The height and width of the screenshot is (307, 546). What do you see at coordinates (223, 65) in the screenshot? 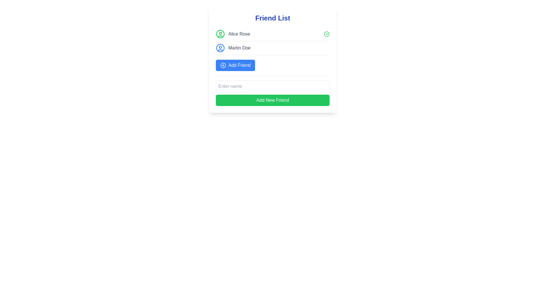
I see `the graphical representation of the 'Add Friend' icon located to the left of the 'Add Friend' text within the blue button in the central card layout` at bounding box center [223, 65].